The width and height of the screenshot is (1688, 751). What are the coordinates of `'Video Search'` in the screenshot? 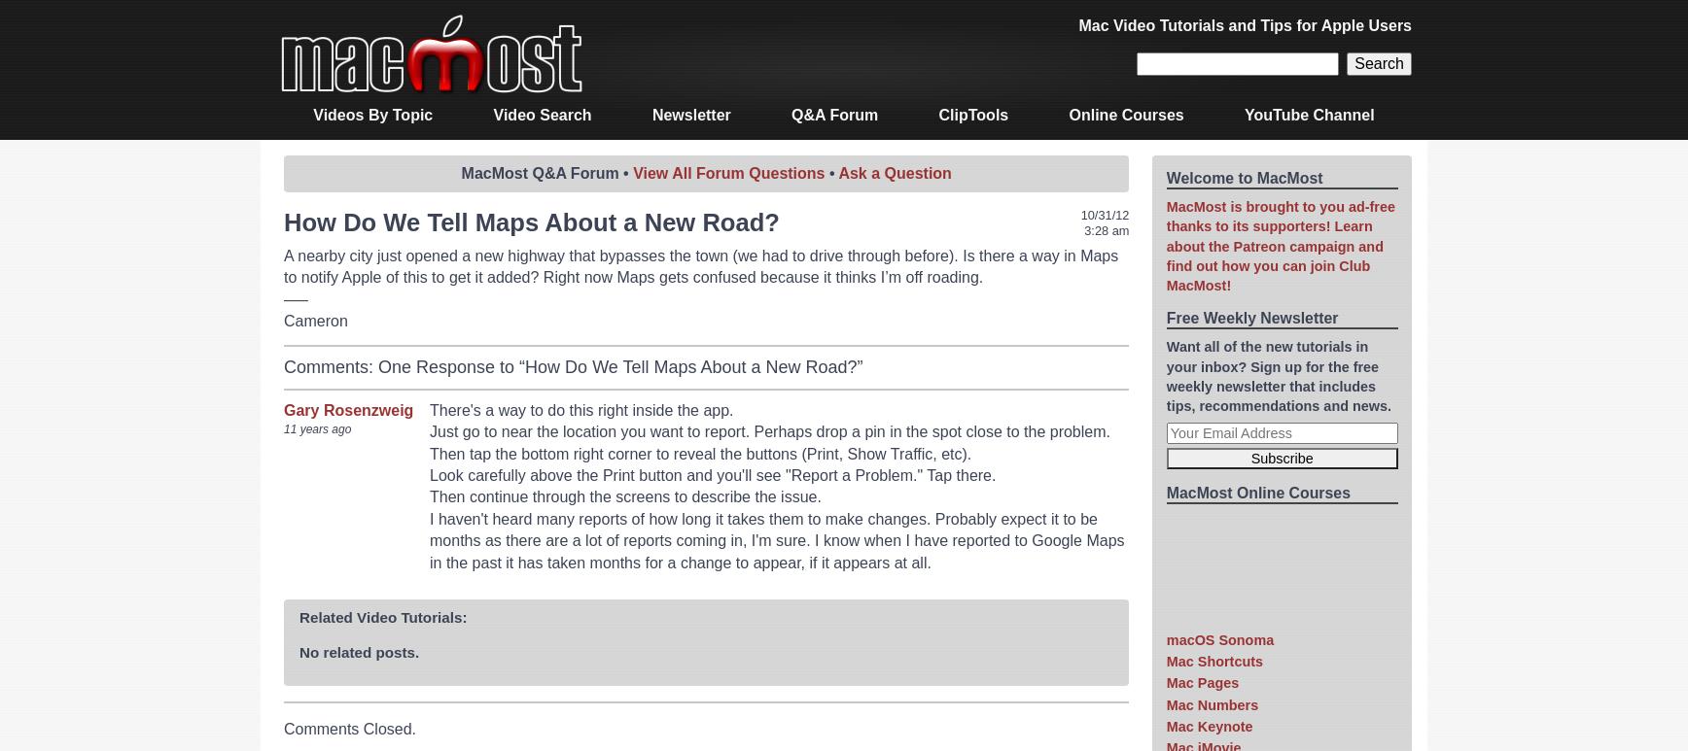 It's located at (542, 114).